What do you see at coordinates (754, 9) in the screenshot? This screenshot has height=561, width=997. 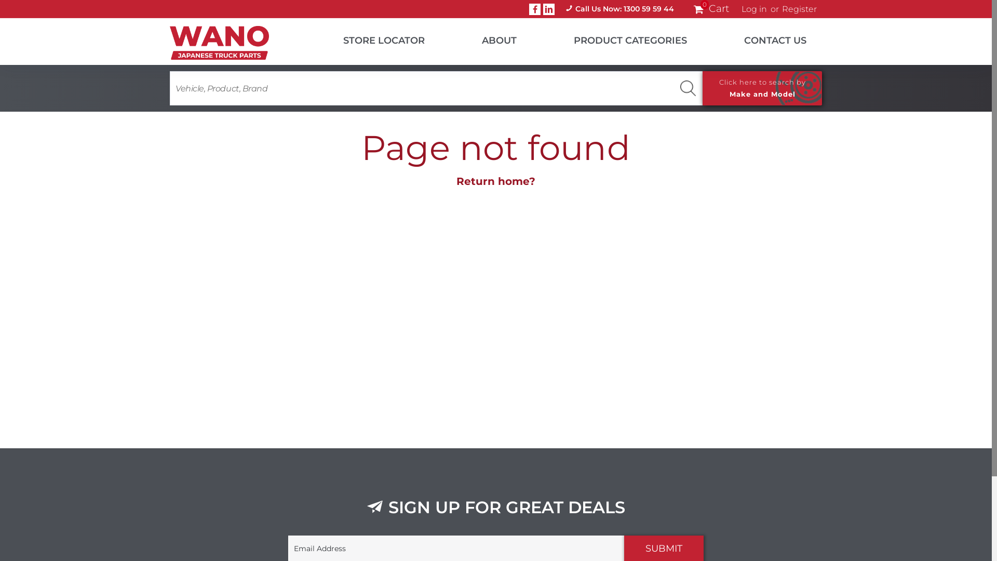 I see `'Log in'` at bounding box center [754, 9].